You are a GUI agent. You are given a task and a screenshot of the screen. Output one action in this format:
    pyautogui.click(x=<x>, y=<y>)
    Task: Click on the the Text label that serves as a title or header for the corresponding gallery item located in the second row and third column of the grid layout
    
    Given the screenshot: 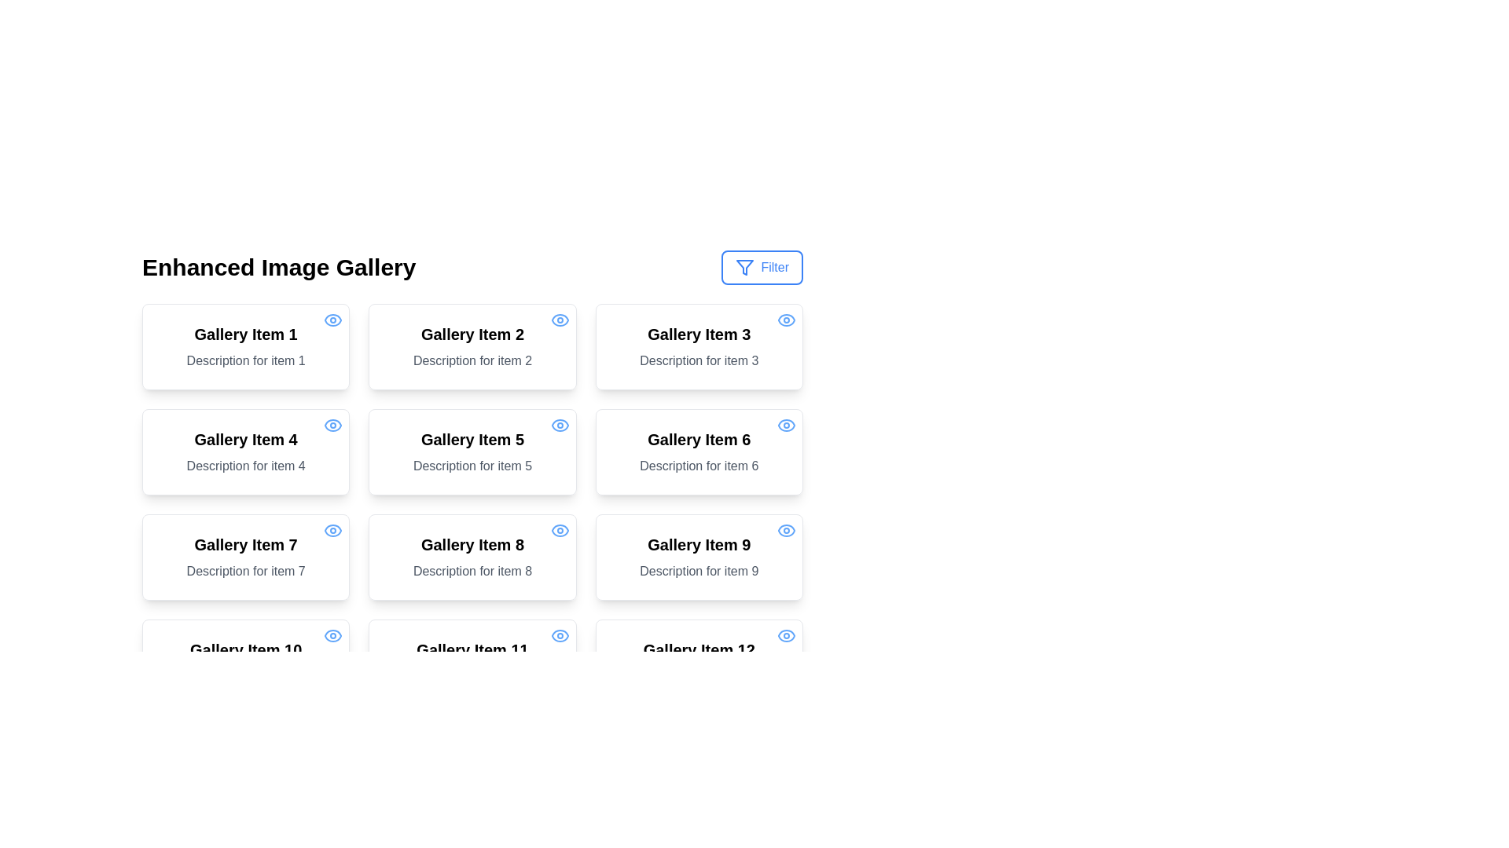 What is the action you would take?
    pyautogui.click(x=472, y=544)
    